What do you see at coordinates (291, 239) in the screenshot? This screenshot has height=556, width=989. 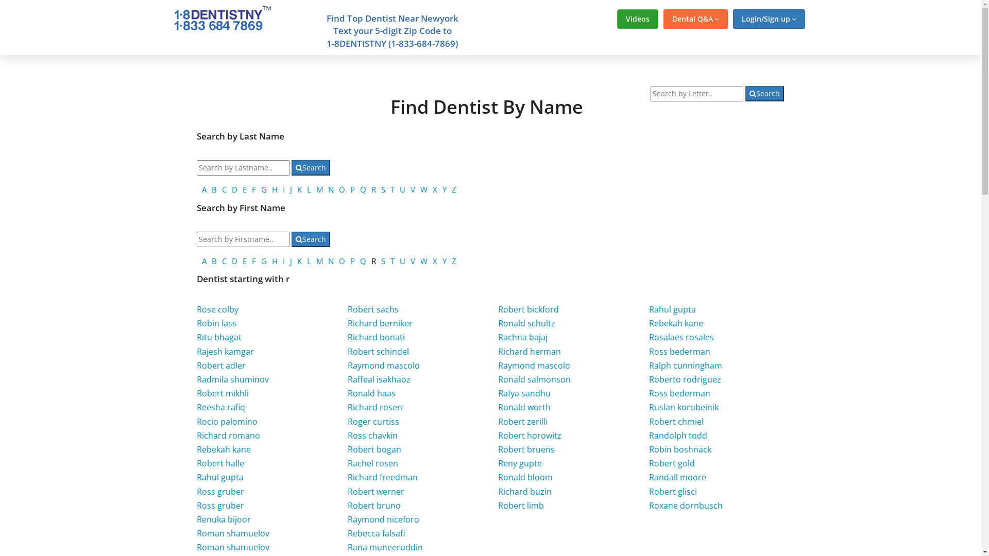 I see `'Search'` at bounding box center [291, 239].